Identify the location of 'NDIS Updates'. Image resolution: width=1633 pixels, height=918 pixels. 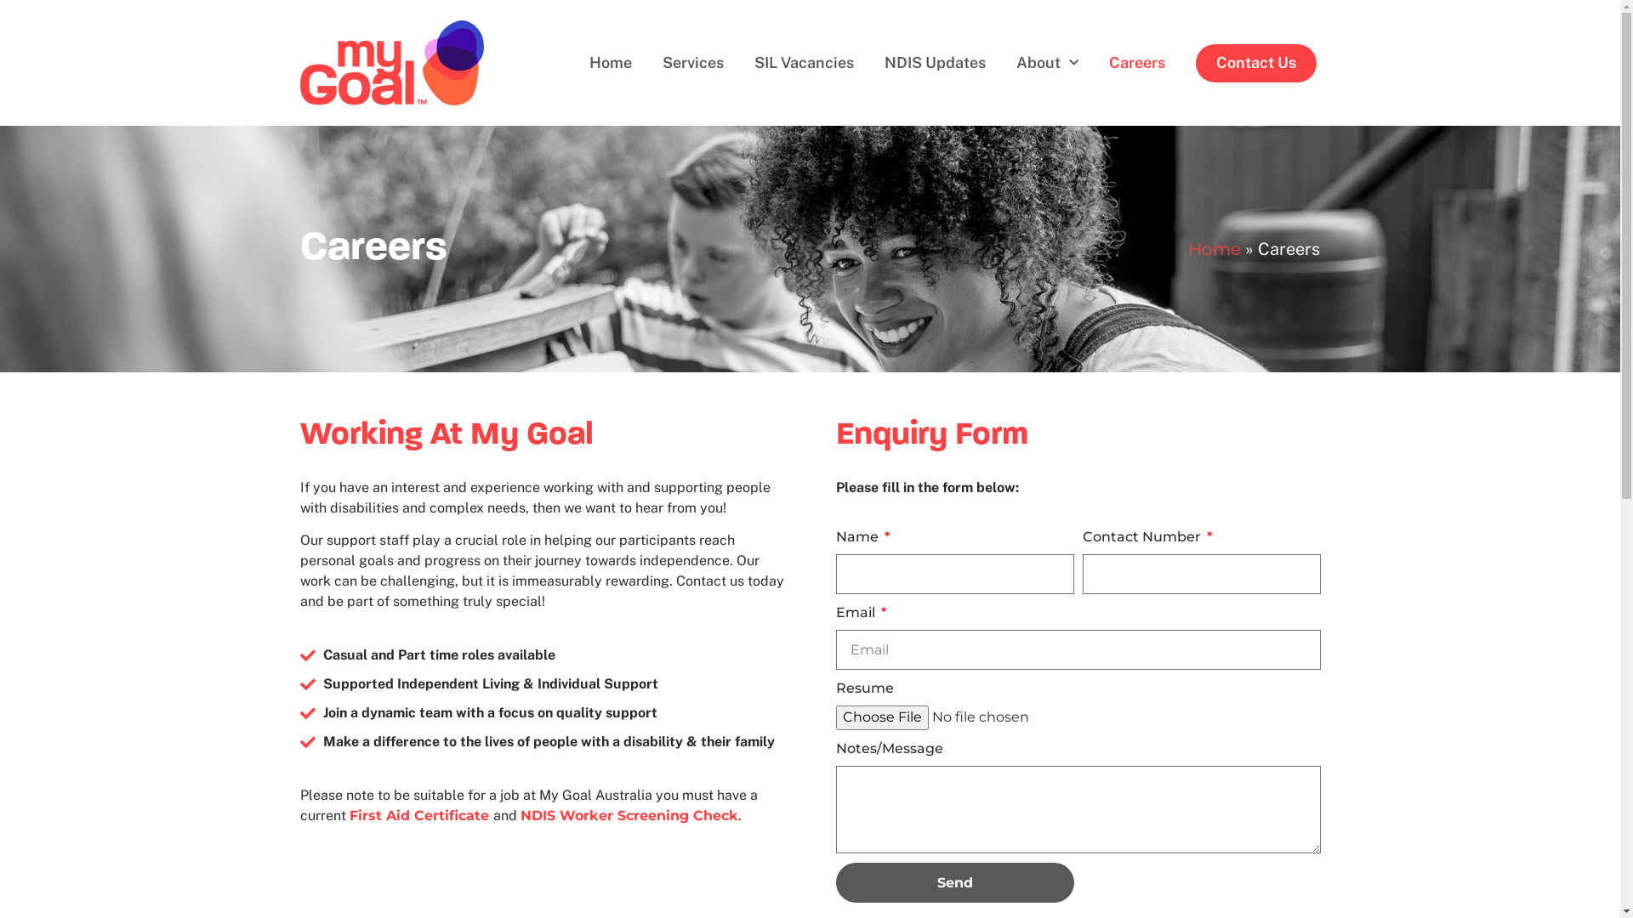
(934, 62).